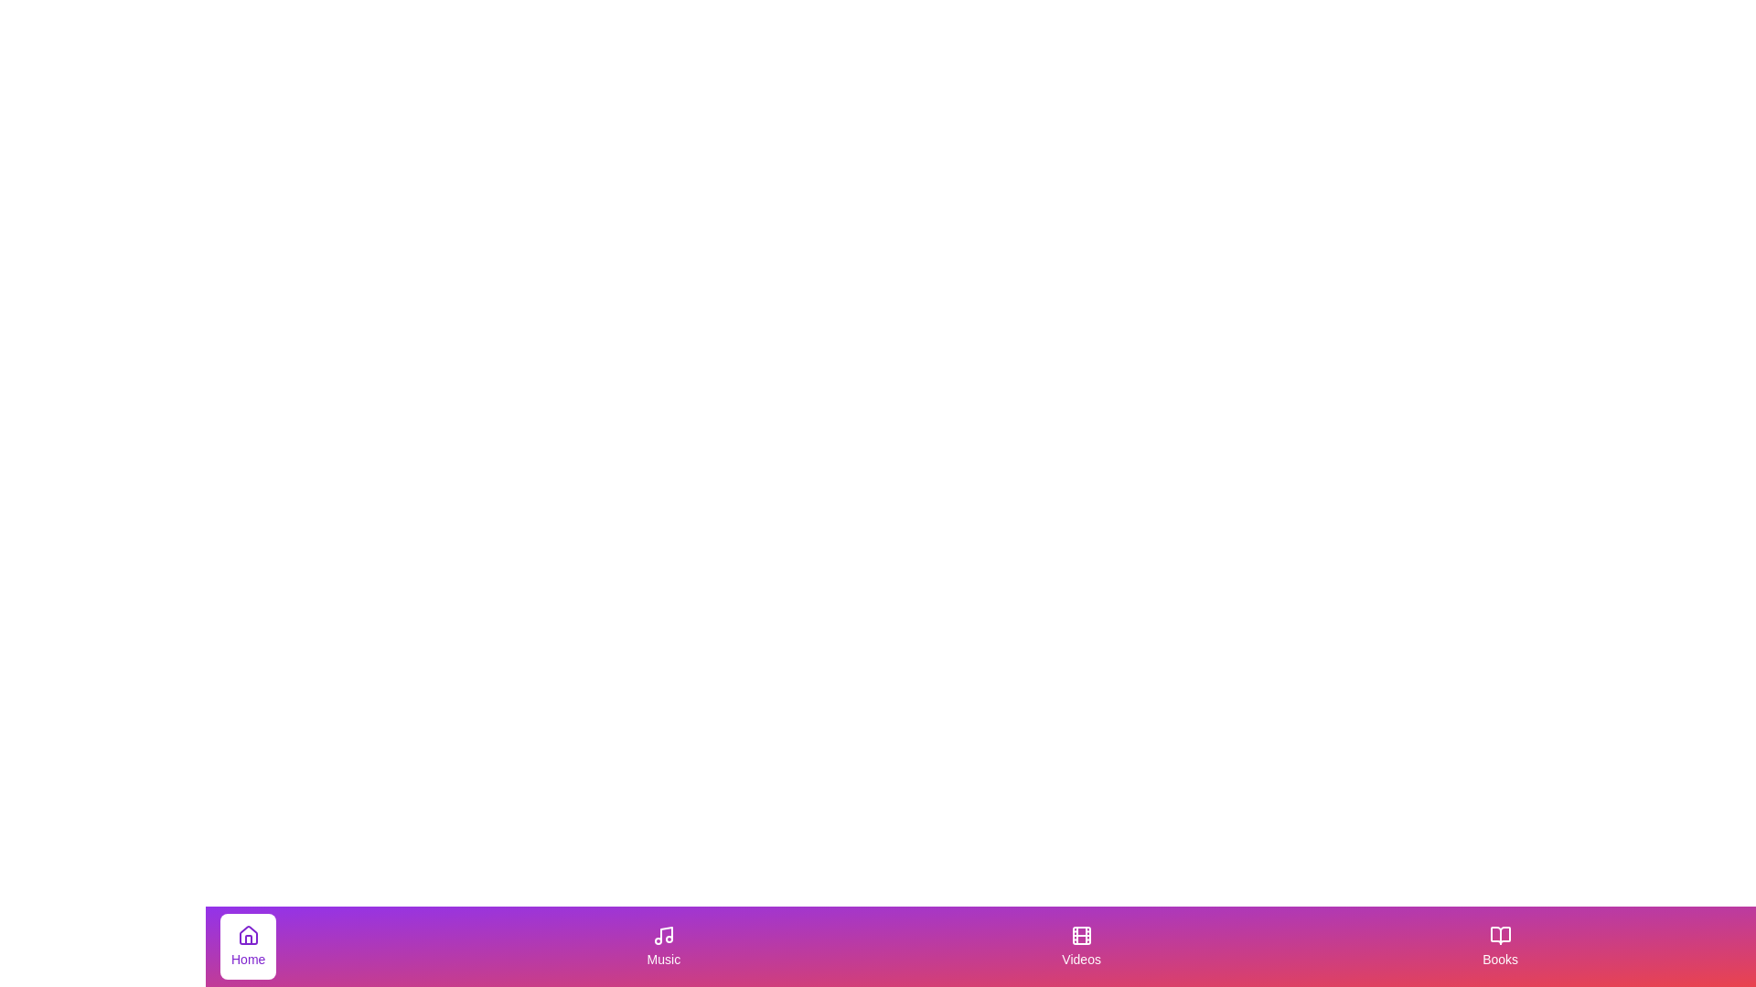  What do you see at coordinates (662, 946) in the screenshot?
I see `the tab labeled Music by clicking on it` at bounding box center [662, 946].